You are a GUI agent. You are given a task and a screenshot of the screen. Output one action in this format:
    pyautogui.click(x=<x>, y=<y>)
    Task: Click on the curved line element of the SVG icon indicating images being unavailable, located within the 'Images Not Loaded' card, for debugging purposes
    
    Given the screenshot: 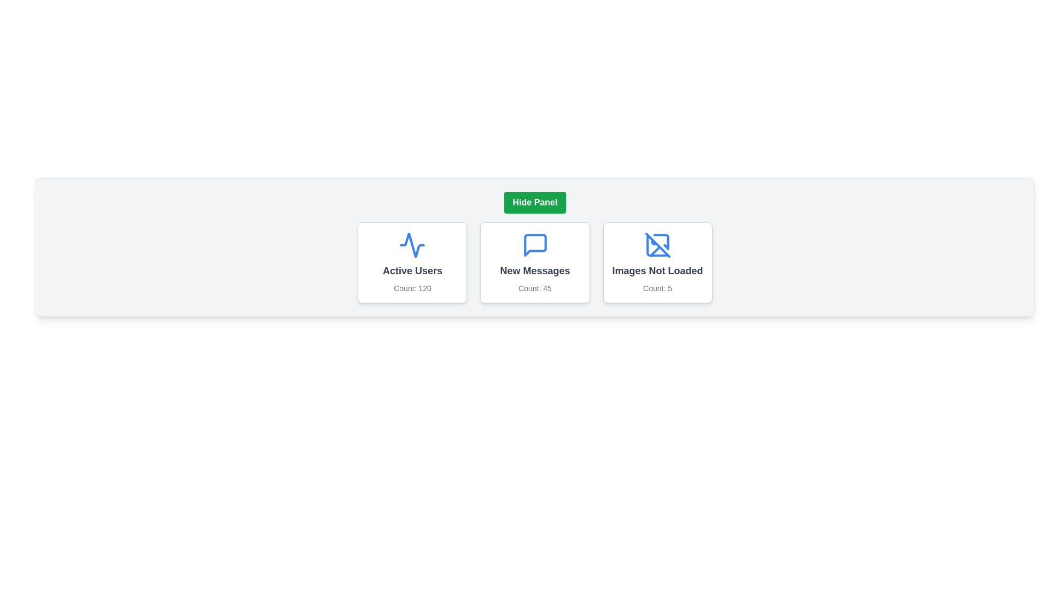 What is the action you would take?
    pyautogui.click(x=660, y=241)
    